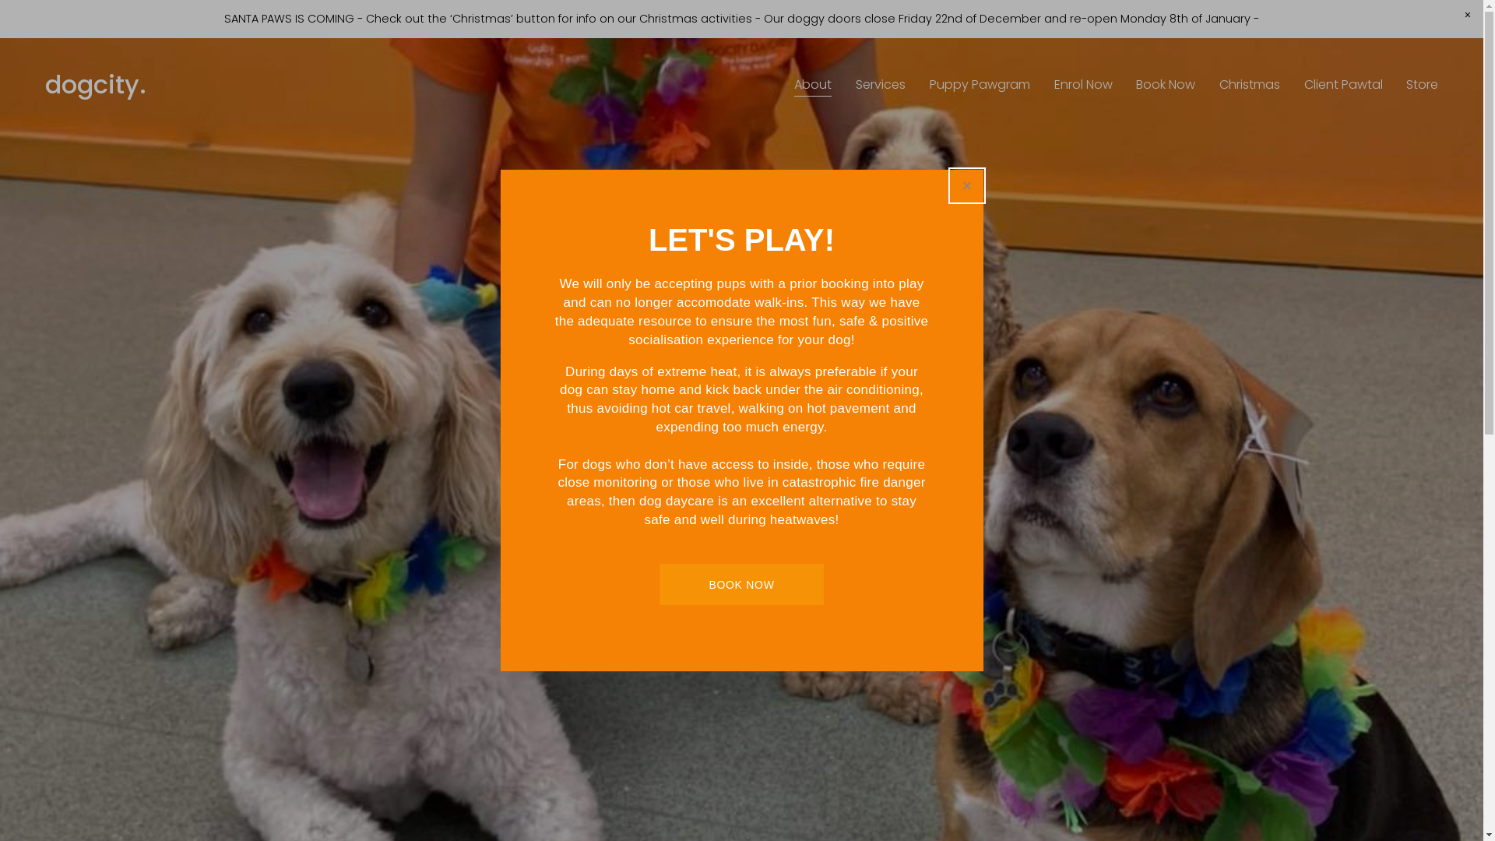 The image size is (1495, 841). I want to click on 'About', so click(811, 86).